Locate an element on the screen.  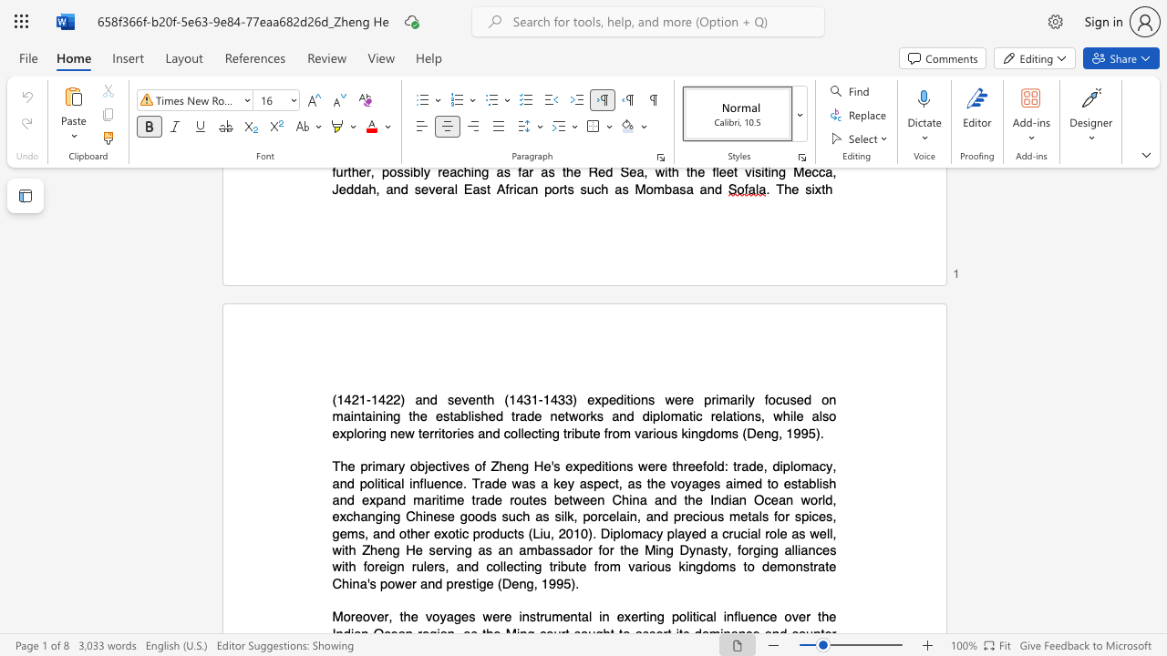
the subset text "ob" within the text "objectives" is located at coordinates (408, 466).